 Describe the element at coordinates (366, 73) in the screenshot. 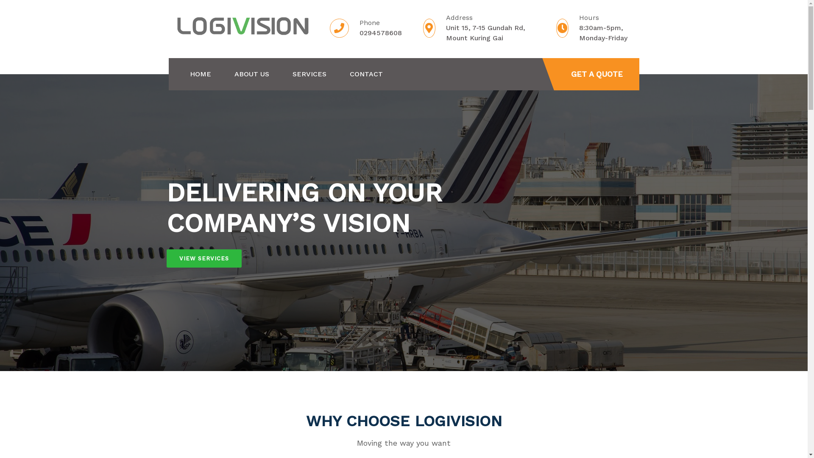

I see `'CONTACT'` at that location.